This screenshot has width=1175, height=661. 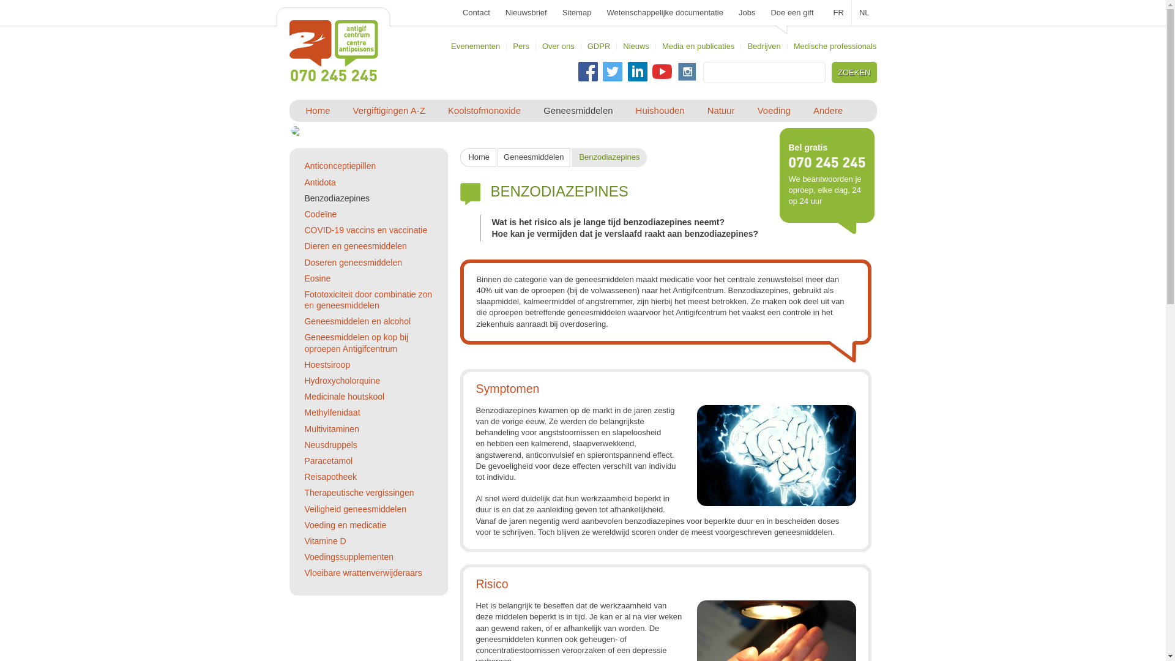 I want to click on 'Veiligheid geneesmiddelen', so click(x=304, y=509).